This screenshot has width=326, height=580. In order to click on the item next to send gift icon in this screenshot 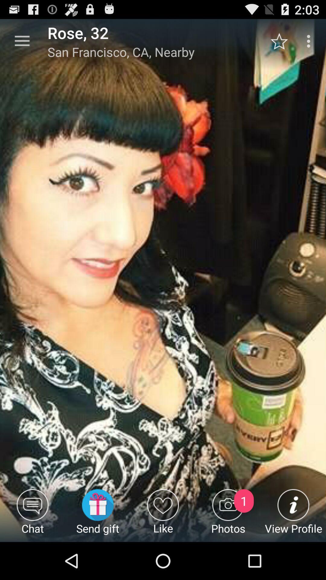, I will do `click(33, 515)`.